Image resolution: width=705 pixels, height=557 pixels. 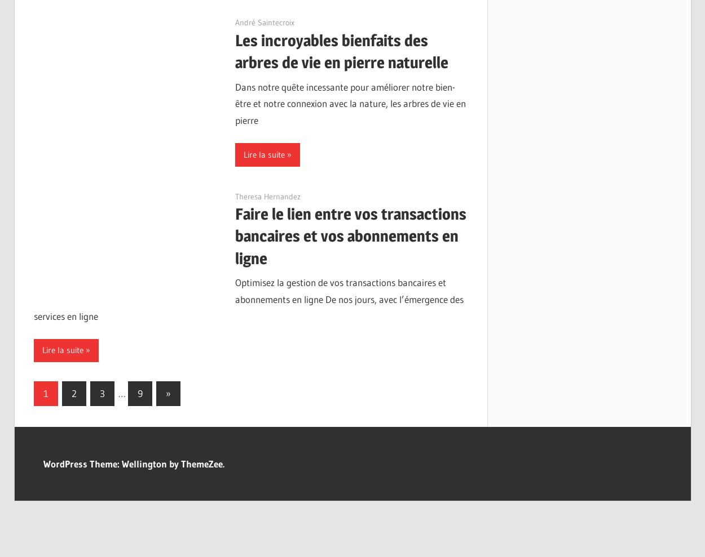 What do you see at coordinates (71, 393) in the screenshot?
I see `'2'` at bounding box center [71, 393].